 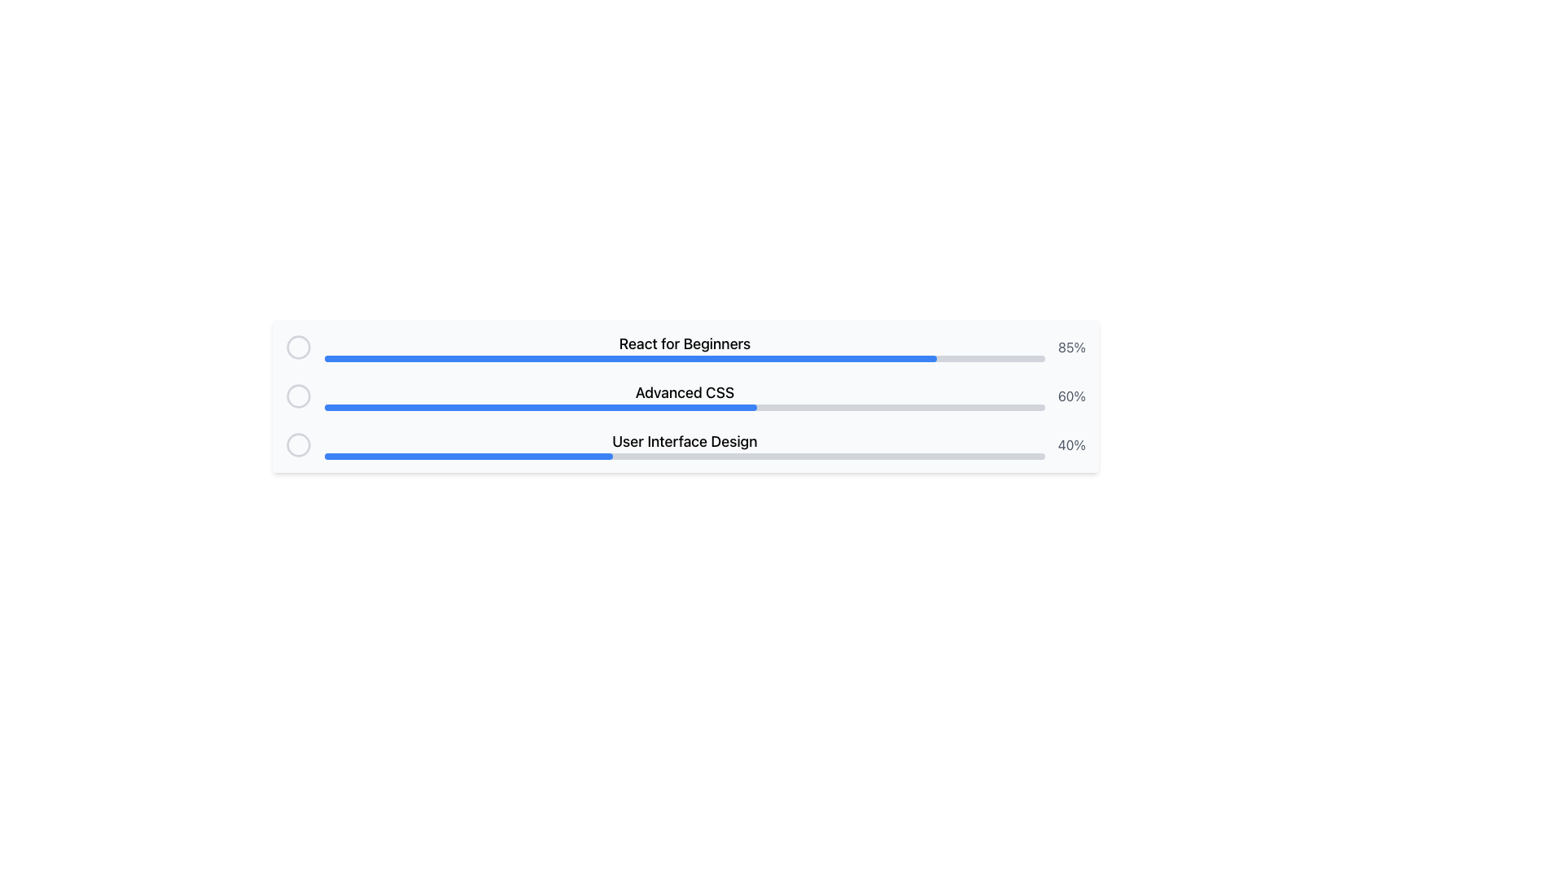 What do you see at coordinates (685, 442) in the screenshot?
I see `the text label element displaying 'User Interface Design' which is located directly above a gray progress bar in the third section of a vertical stack` at bounding box center [685, 442].